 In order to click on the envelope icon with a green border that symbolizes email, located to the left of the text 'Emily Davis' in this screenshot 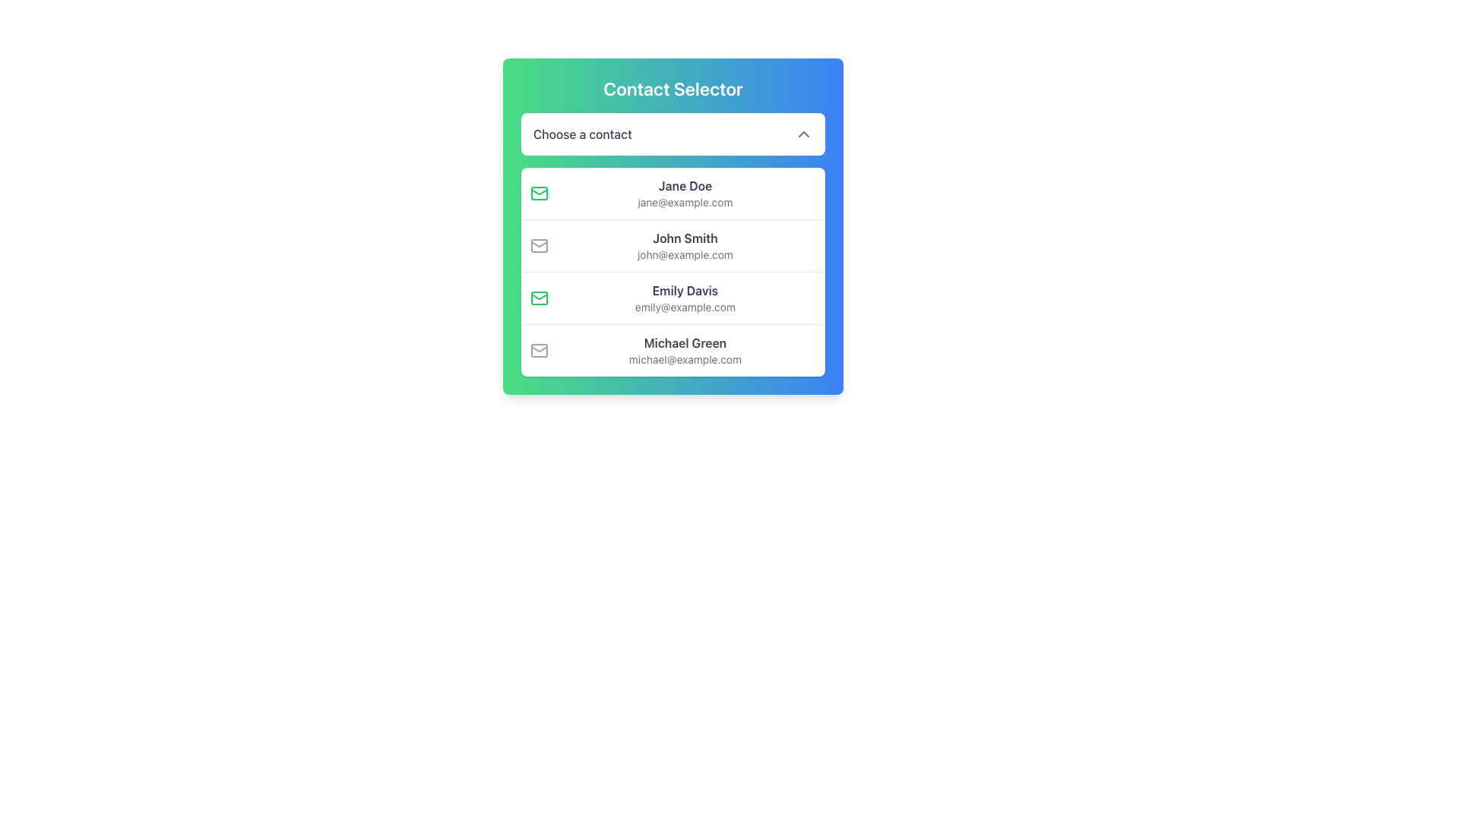, I will do `click(540, 298)`.